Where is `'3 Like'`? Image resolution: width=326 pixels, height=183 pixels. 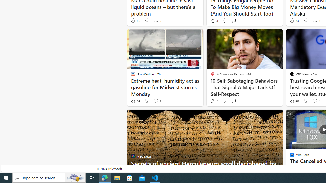 '3 Like' is located at coordinates (214, 20).